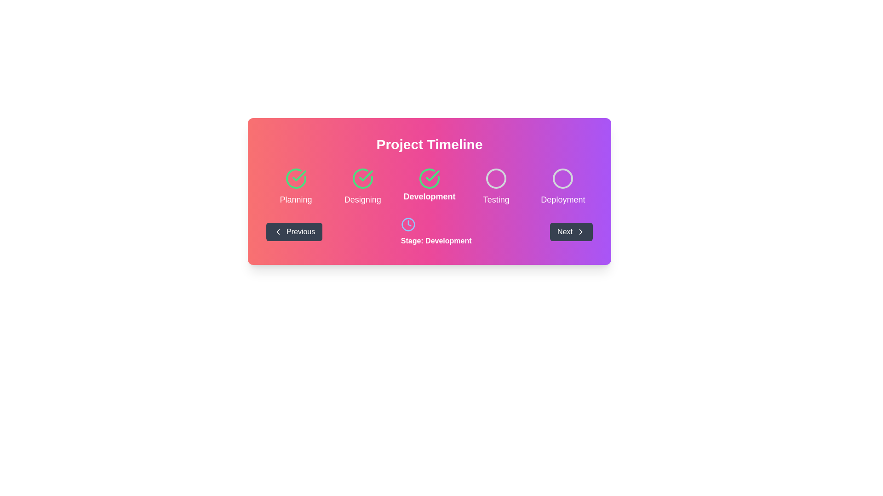  Describe the element at coordinates (429, 198) in the screenshot. I see `the Text label indicating the current stage of the process in the project timeline, located centrally below the checked circle icon` at that location.